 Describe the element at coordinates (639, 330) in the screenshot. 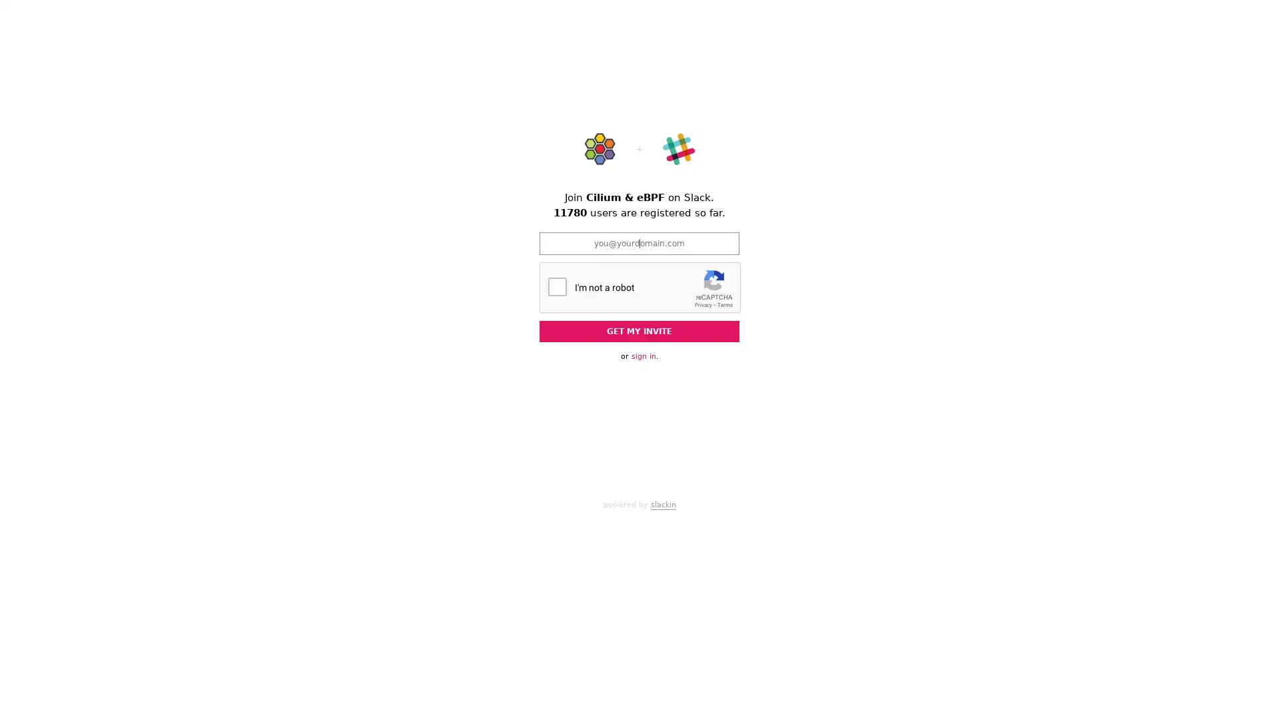

I see `GET MY INVITE` at that location.